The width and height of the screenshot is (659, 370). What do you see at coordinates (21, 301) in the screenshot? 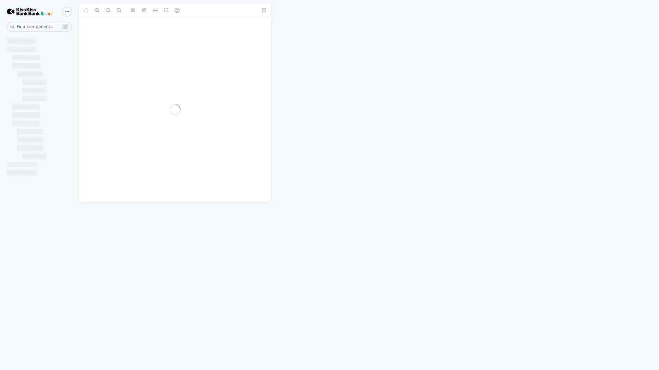
I see `GRAPHICS` at bounding box center [21, 301].